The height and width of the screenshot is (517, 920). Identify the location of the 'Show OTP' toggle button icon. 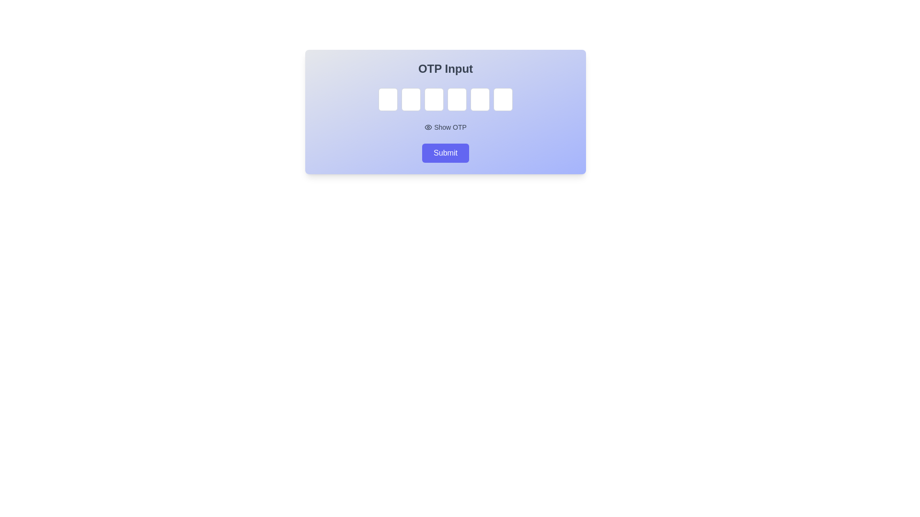
(428, 127).